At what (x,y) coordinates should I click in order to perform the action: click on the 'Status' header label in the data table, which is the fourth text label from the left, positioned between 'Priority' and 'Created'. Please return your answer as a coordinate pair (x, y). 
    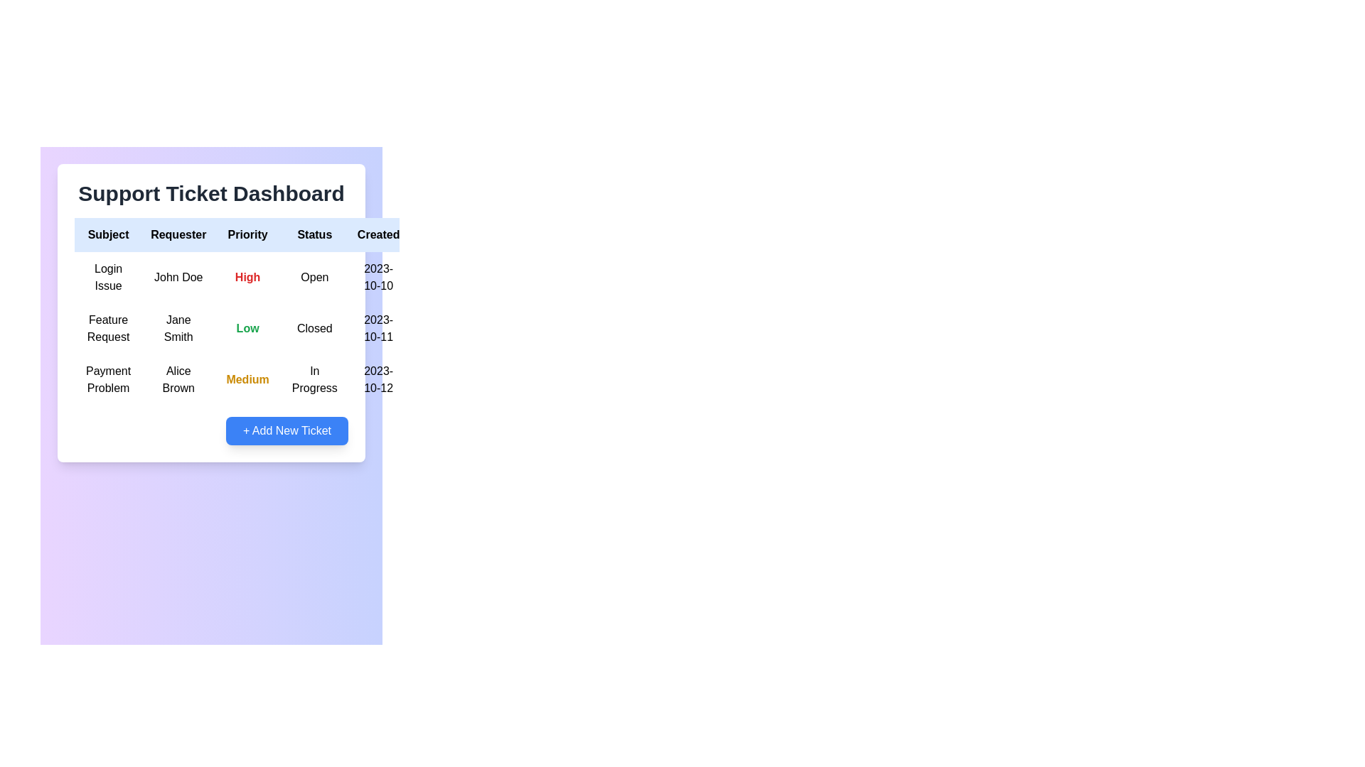
    Looking at the image, I should click on (314, 234).